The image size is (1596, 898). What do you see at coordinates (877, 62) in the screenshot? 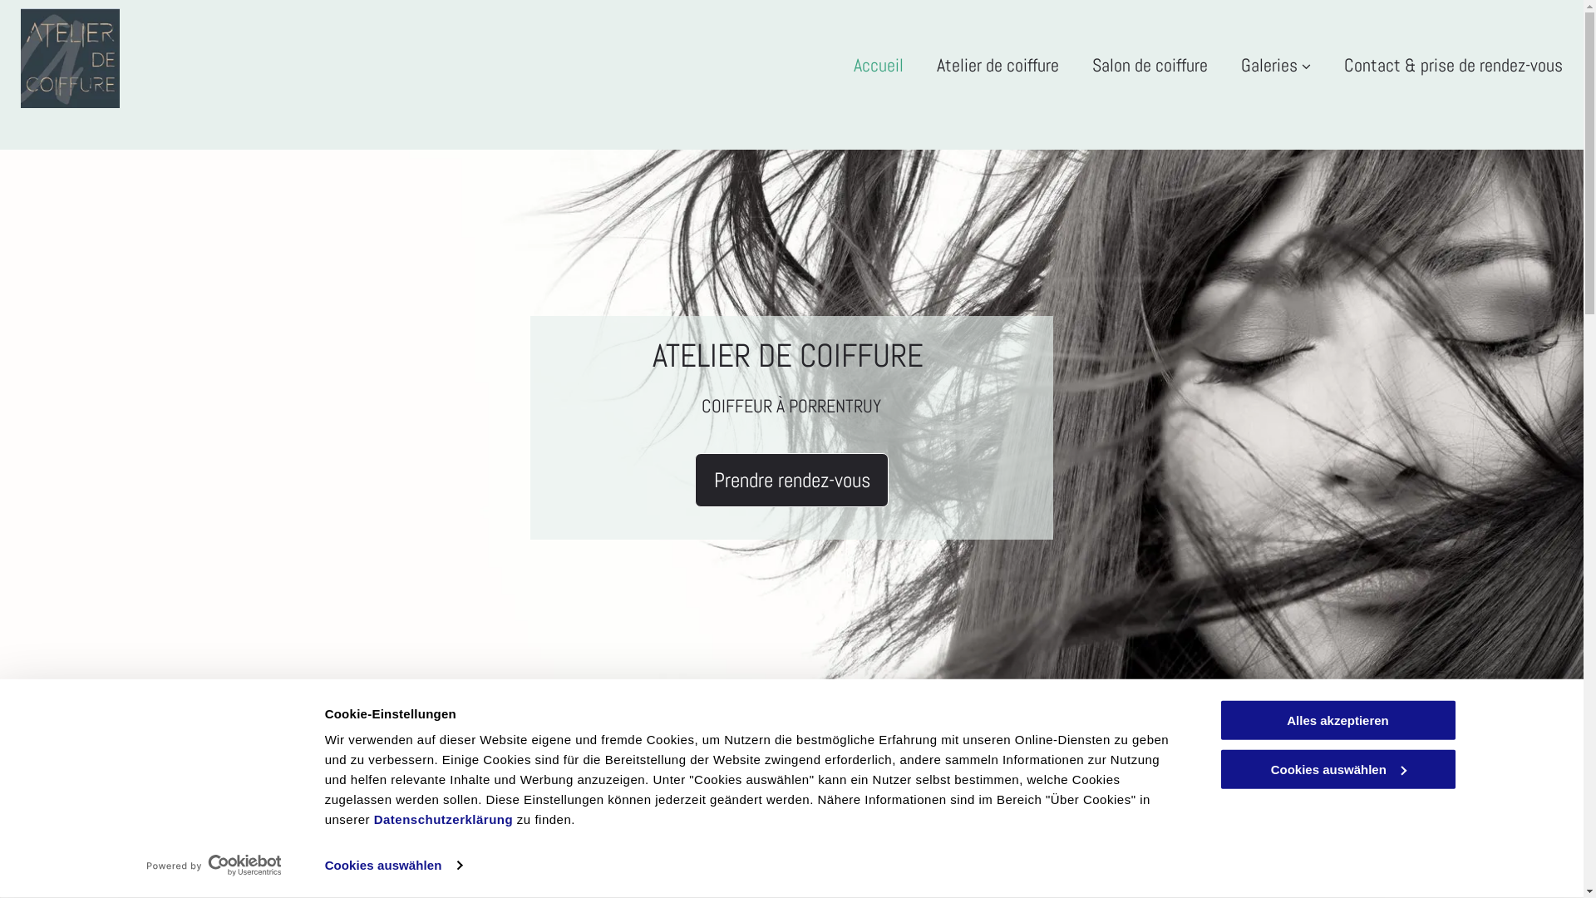
I see `'Accueil'` at bounding box center [877, 62].